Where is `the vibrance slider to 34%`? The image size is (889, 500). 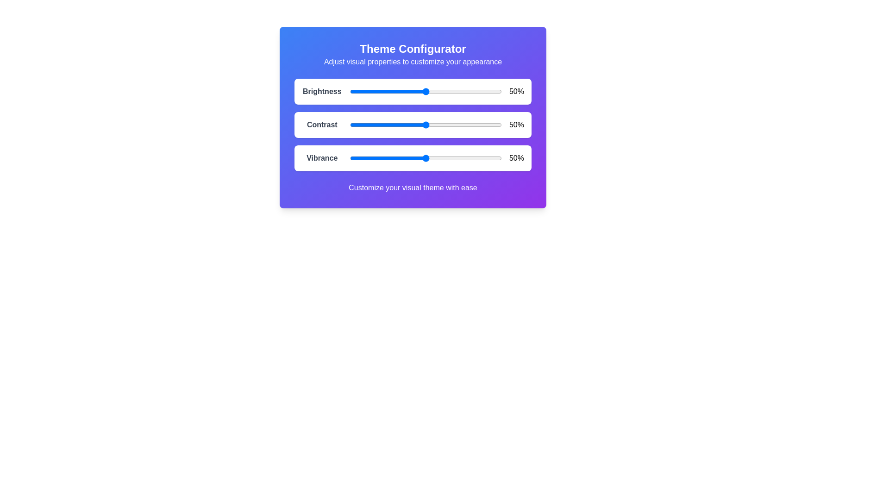 the vibrance slider to 34% is located at coordinates (401, 158).